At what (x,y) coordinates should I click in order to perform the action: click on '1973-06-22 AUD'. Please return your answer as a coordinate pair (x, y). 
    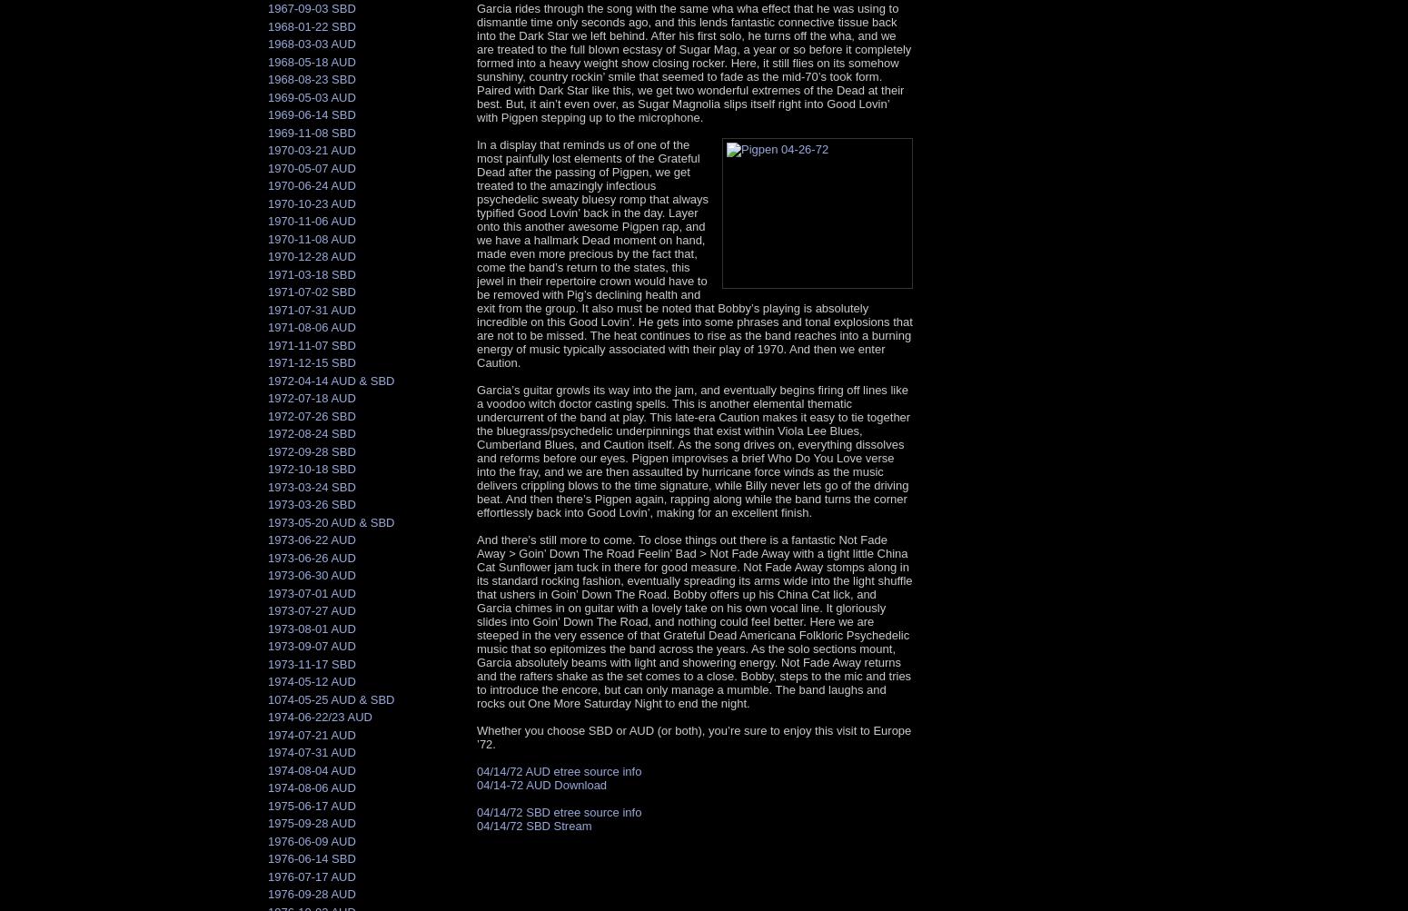
    Looking at the image, I should click on (267, 539).